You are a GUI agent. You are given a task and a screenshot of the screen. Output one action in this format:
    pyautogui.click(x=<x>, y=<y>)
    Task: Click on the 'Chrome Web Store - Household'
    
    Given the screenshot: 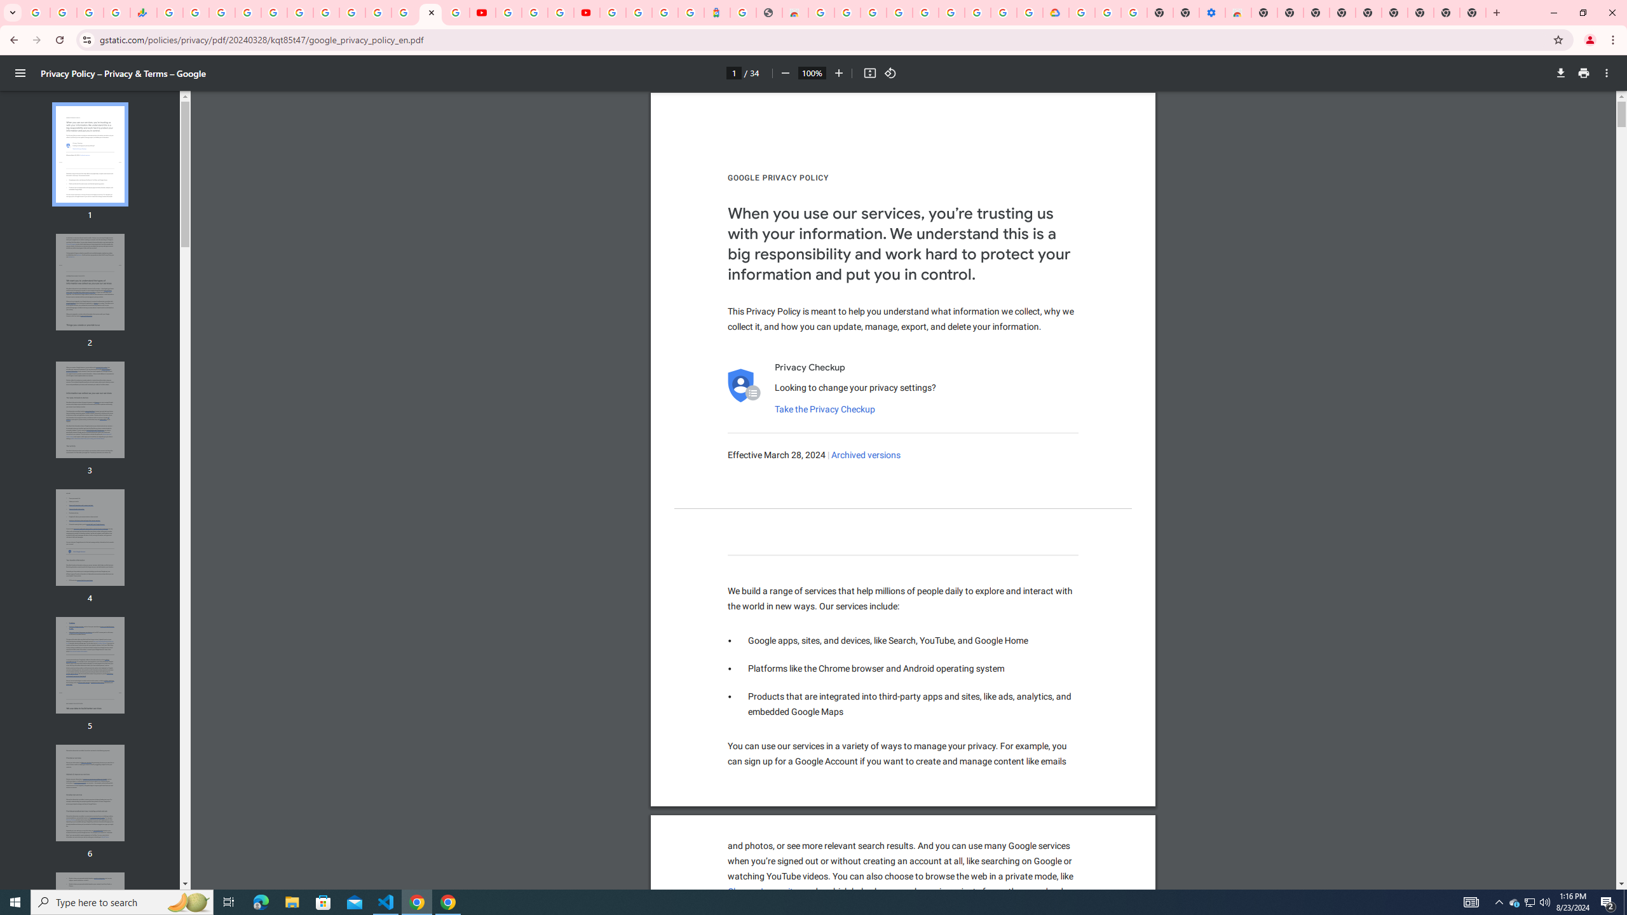 What is the action you would take?
    pyautogui.click(x=794, y=12)
    